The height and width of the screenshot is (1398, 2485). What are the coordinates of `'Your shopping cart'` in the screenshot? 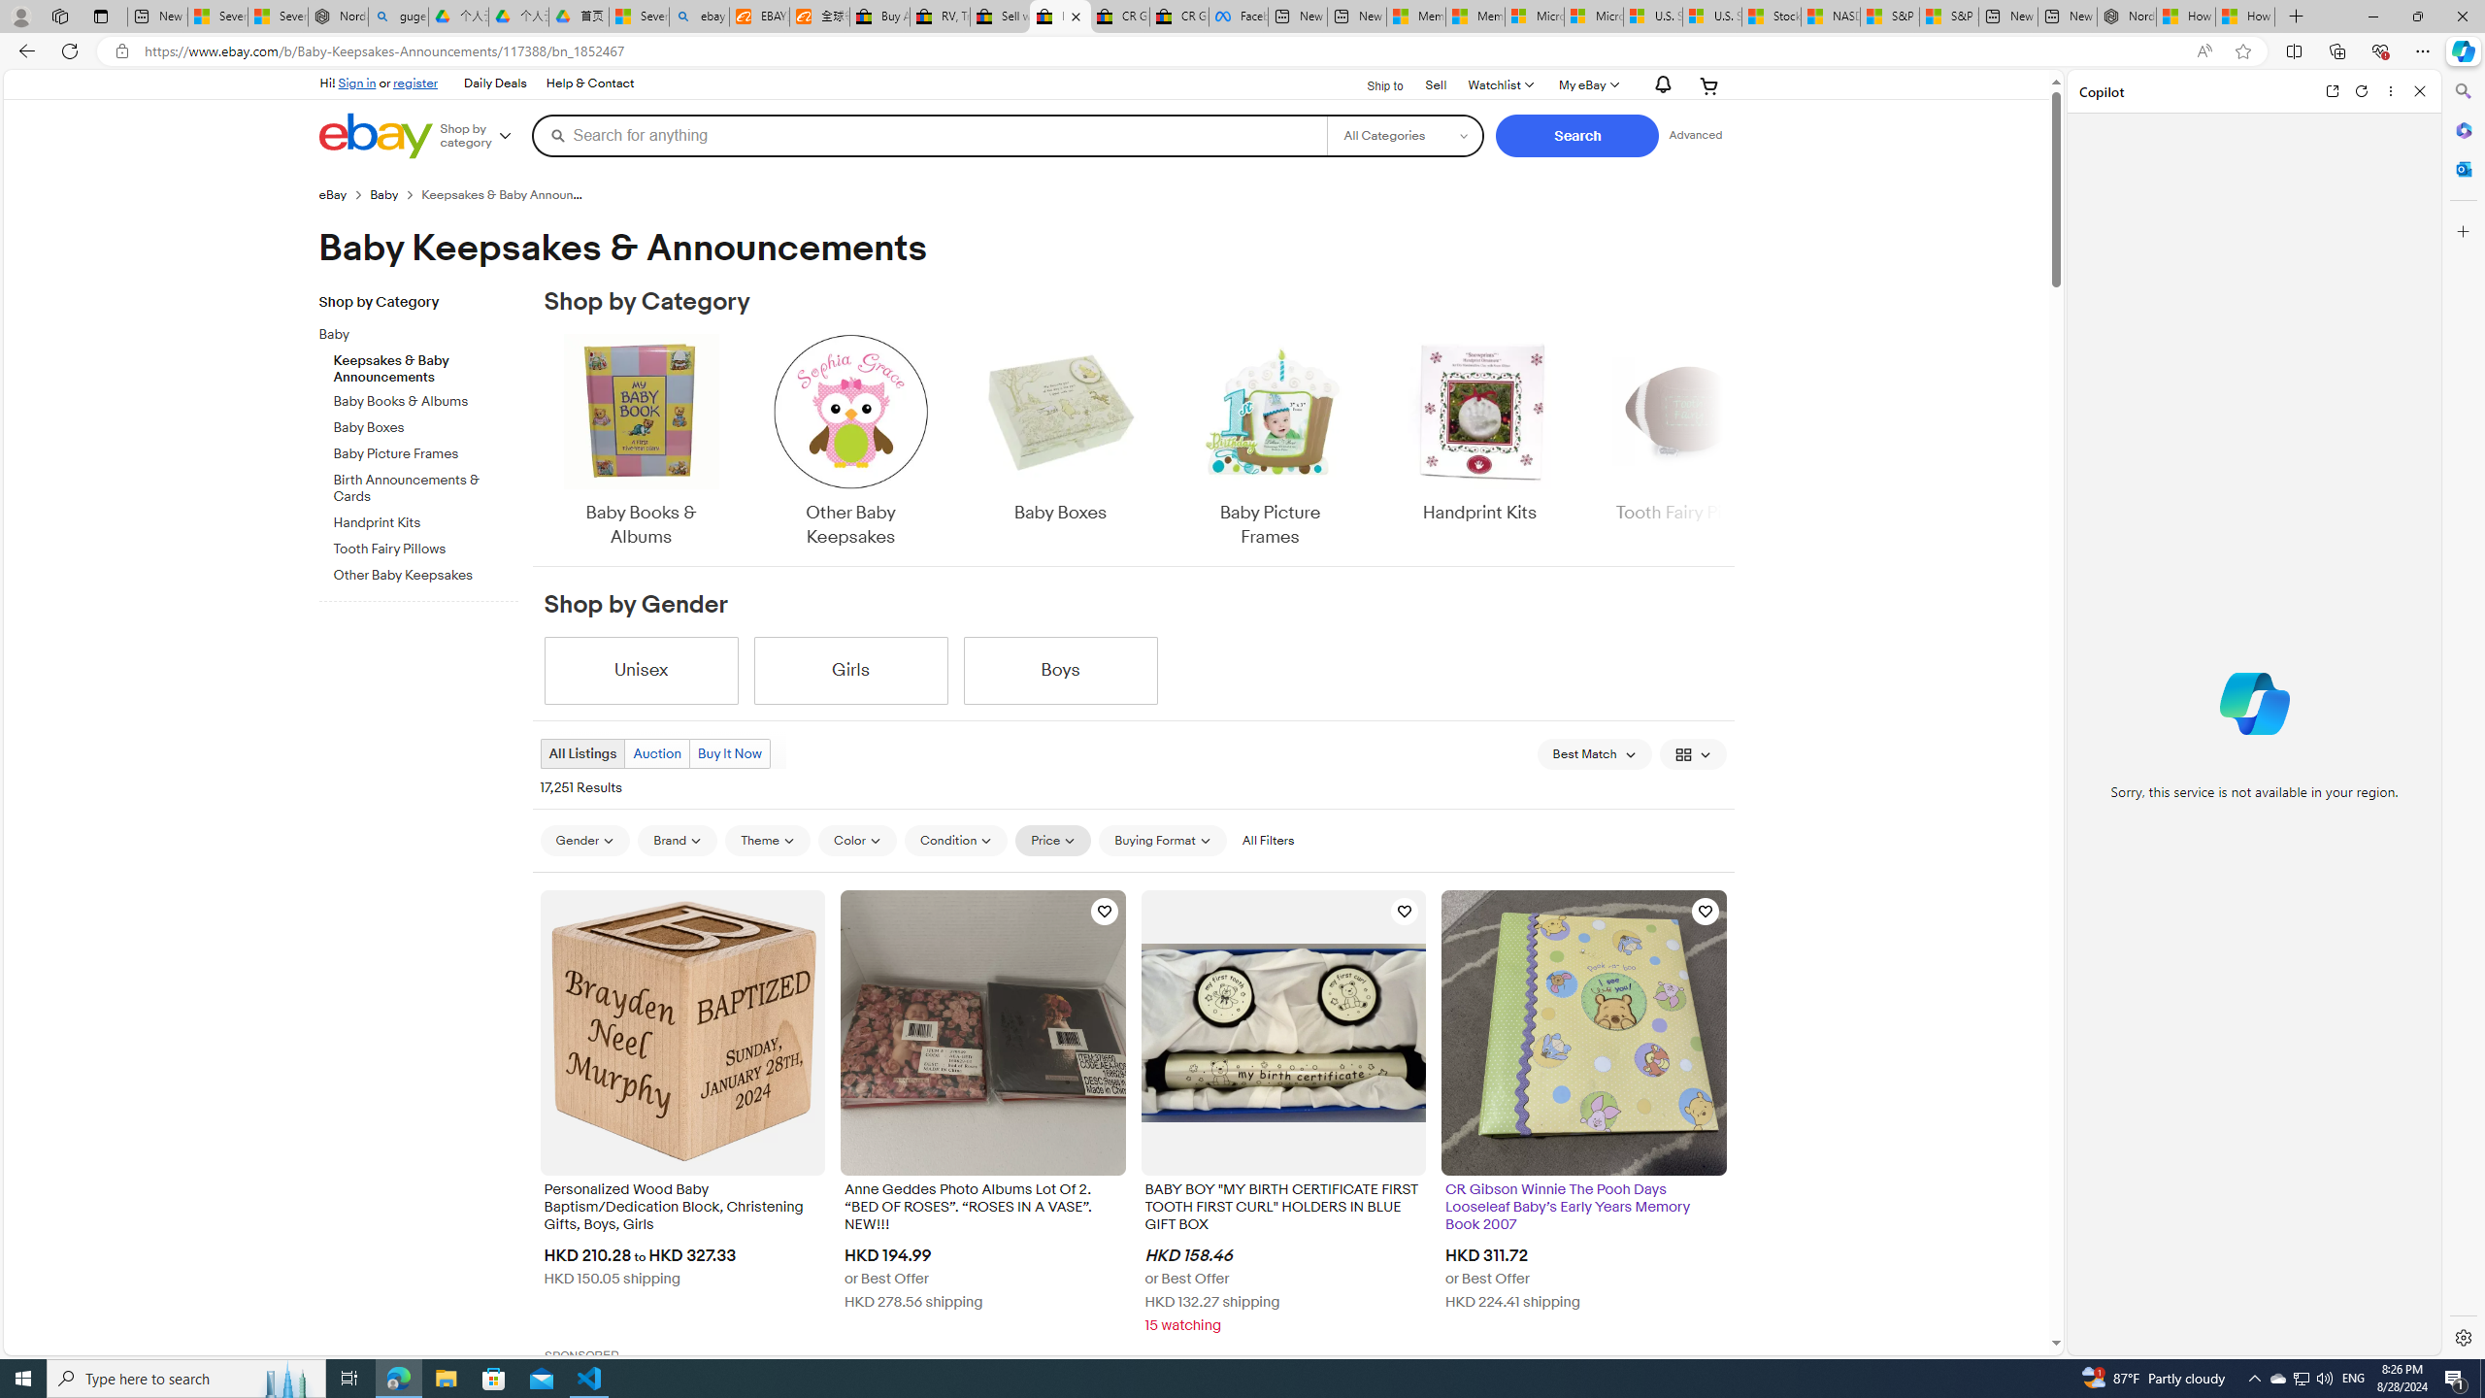 It's located at (1709, 84).